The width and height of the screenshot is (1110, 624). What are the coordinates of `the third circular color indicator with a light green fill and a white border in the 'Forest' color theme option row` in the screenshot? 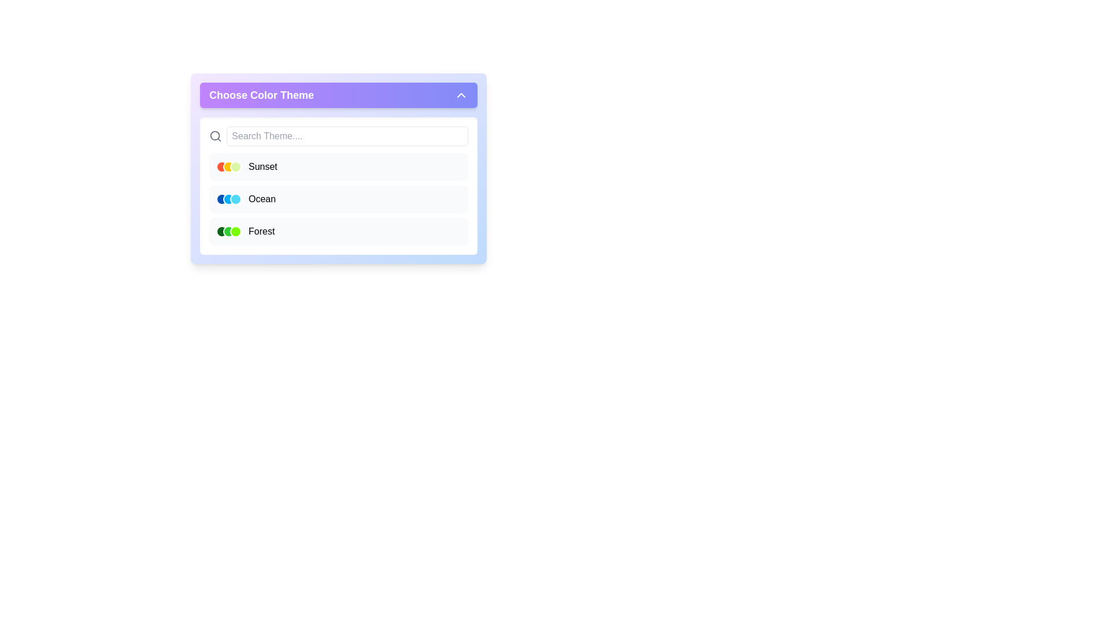 It's located at (235, 232).